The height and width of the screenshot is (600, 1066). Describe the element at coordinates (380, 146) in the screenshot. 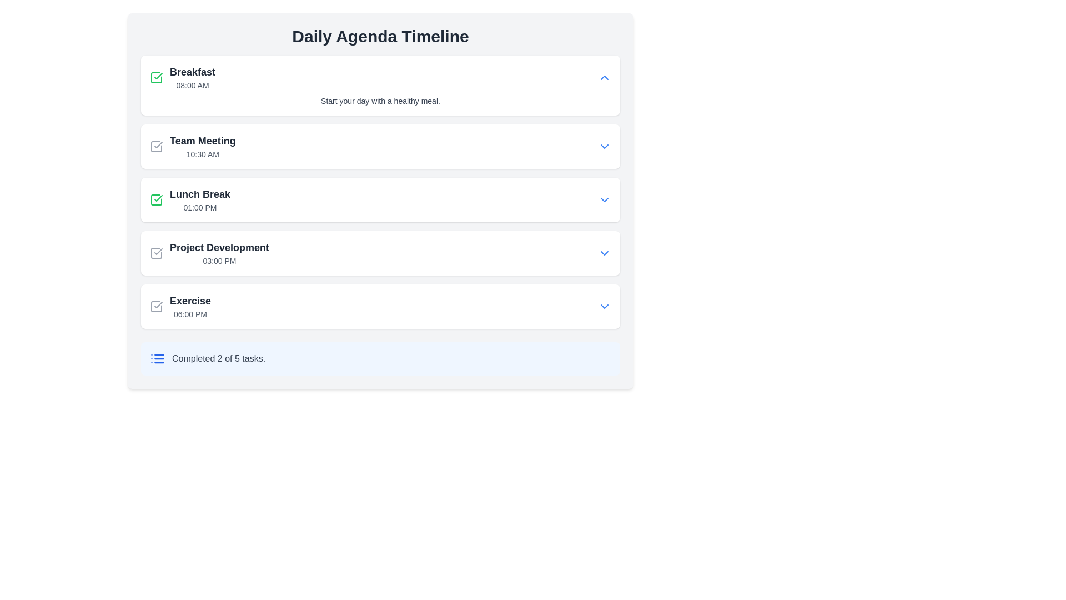

I see `the dropdown arrow of the second item in the vertically-stacked list, which represents a scheduled agenda item in the daily timeline` at that location.